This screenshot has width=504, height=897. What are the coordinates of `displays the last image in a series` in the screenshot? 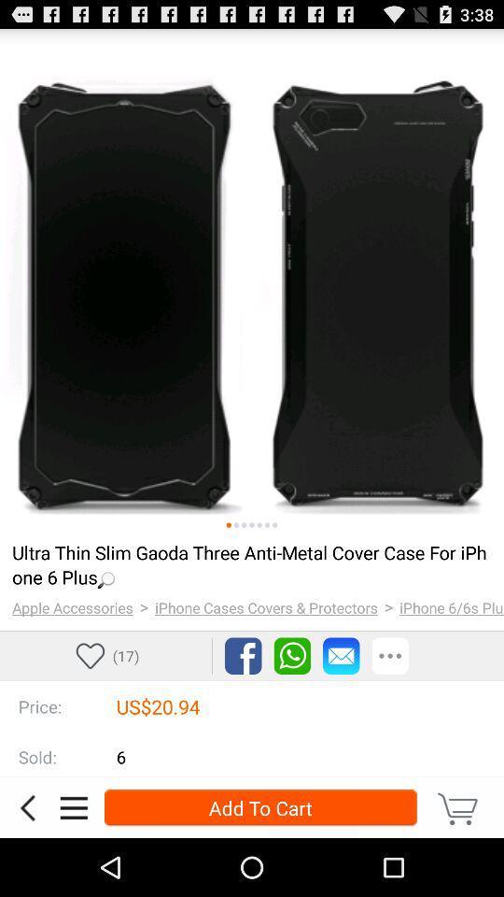 It's located at (273, 525).